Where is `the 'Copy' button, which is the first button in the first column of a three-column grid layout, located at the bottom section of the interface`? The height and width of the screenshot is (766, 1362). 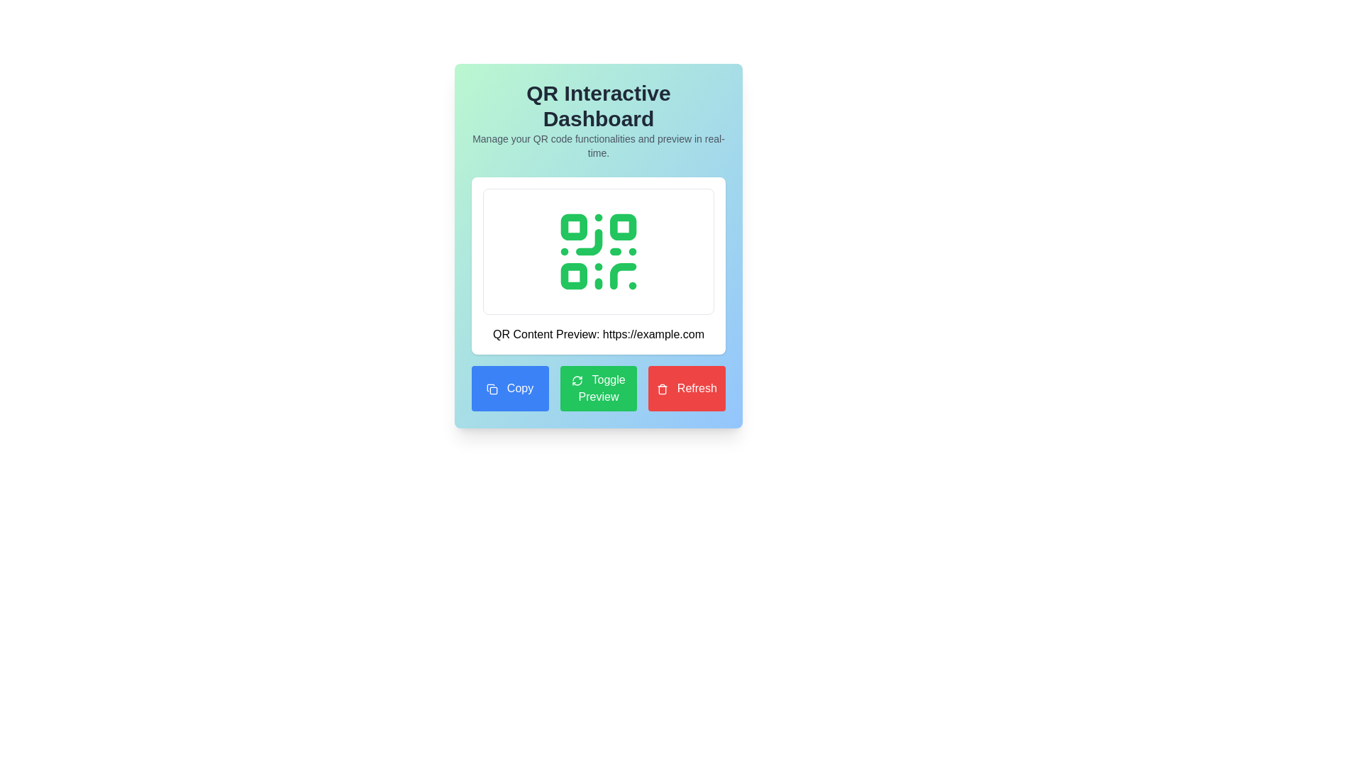 the 'Copy' button, which is the first button in the first column of a three-column grid layout, located at the bottom section of the interface is located at coordinates (510, 388).